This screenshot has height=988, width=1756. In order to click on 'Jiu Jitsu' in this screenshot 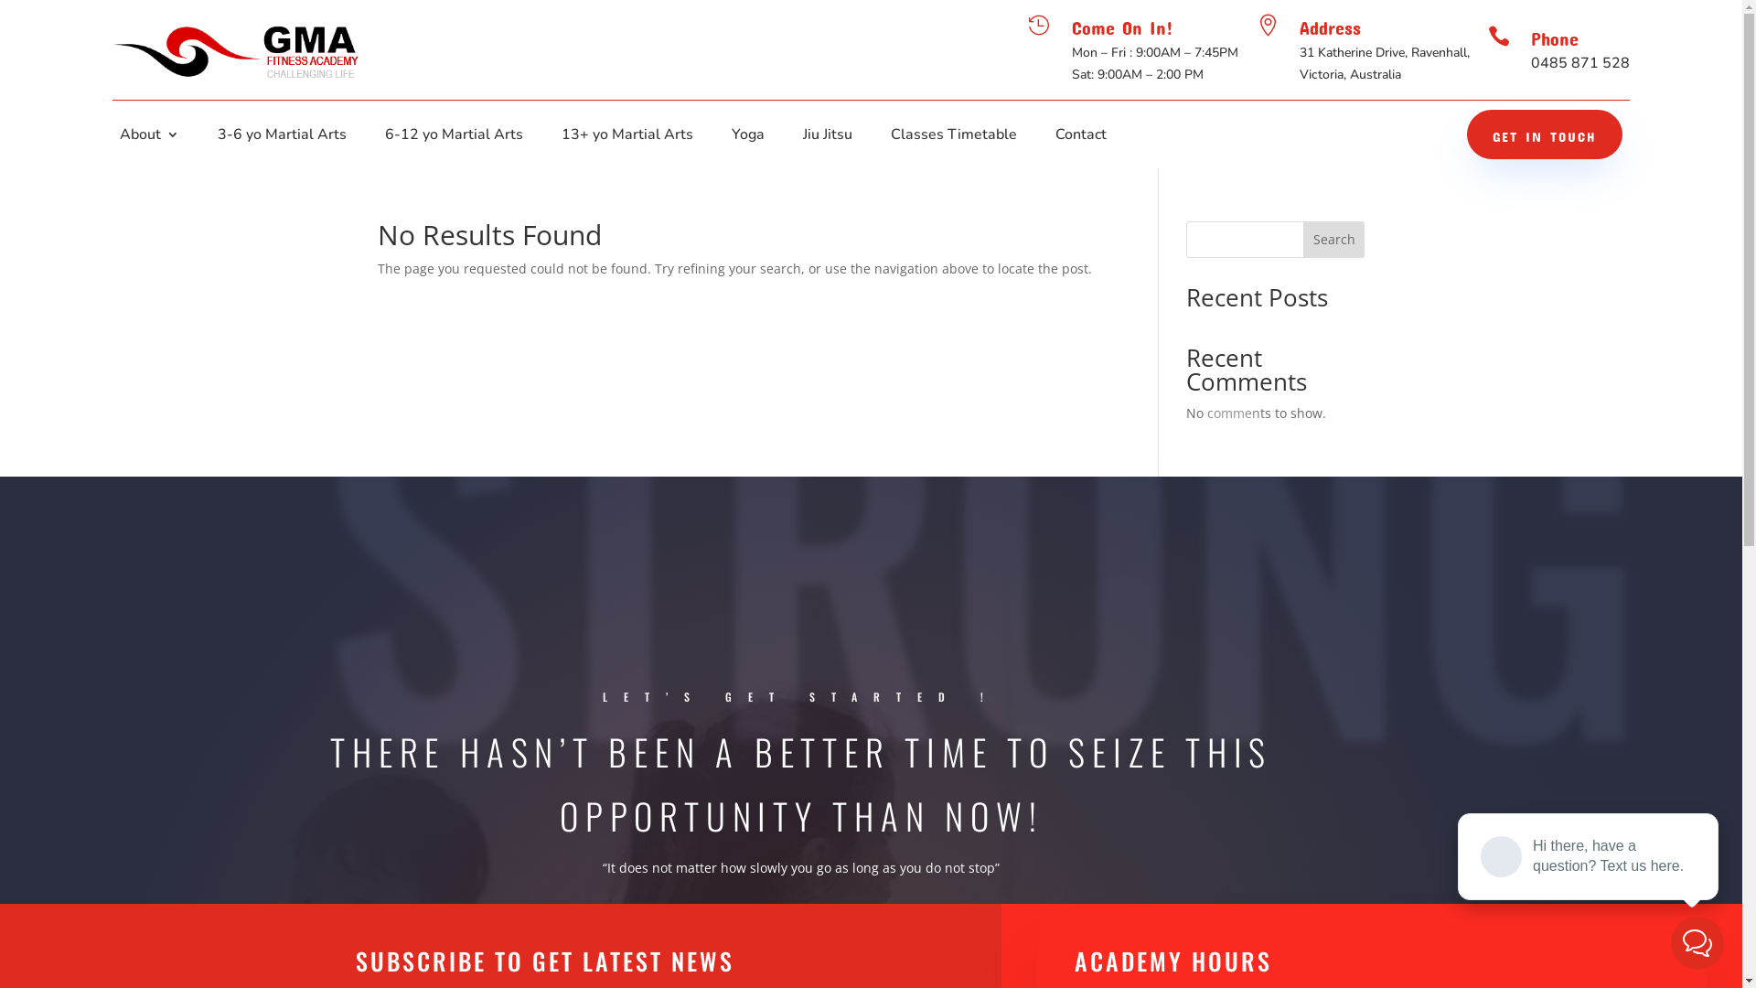, I will do `click(827, 136)`.